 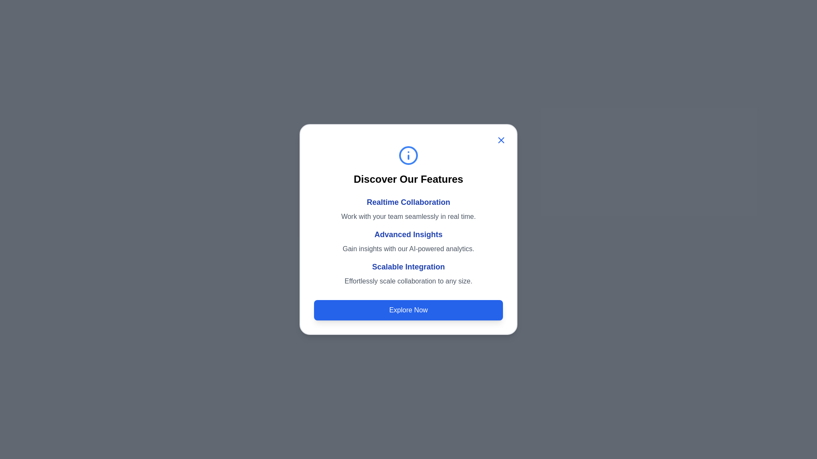 I want to click on the close button icon located at the top-right corner of the modal, so click(x=501, y=140).